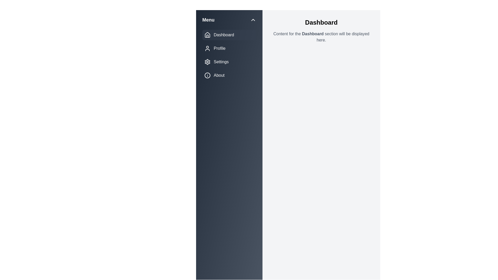 The image size is (498, 280). Describe the element at coordinates (208, 35) in the screenshot. I see `the 'Dashboard' navigation option` at that location.